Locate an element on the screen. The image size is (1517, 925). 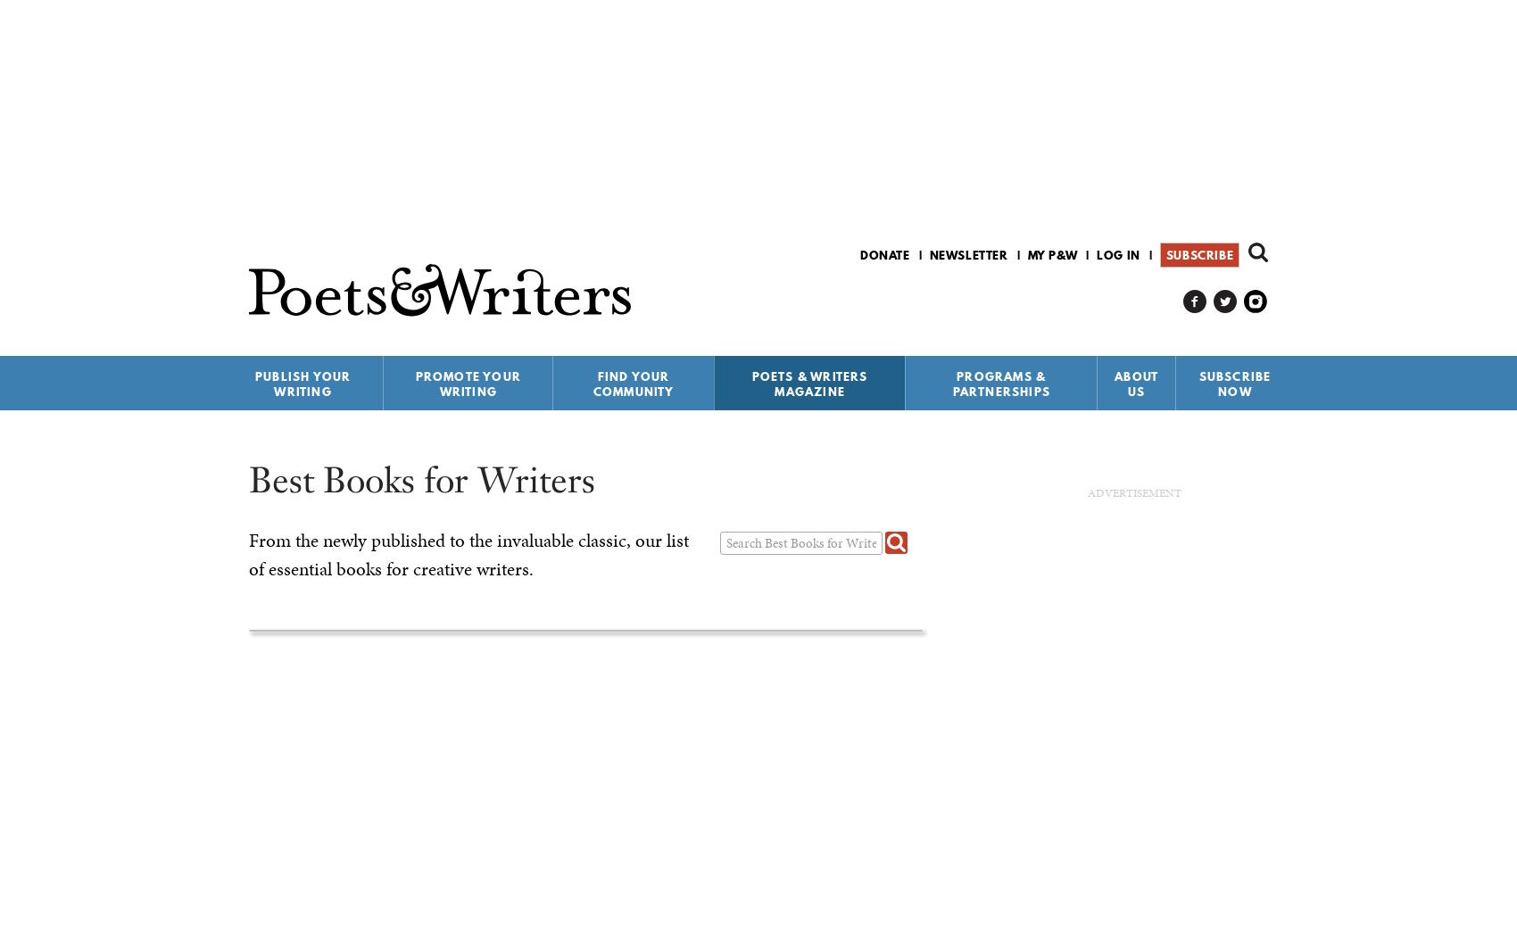
'Promote Your Writing' is located at coordinates (414, 383).